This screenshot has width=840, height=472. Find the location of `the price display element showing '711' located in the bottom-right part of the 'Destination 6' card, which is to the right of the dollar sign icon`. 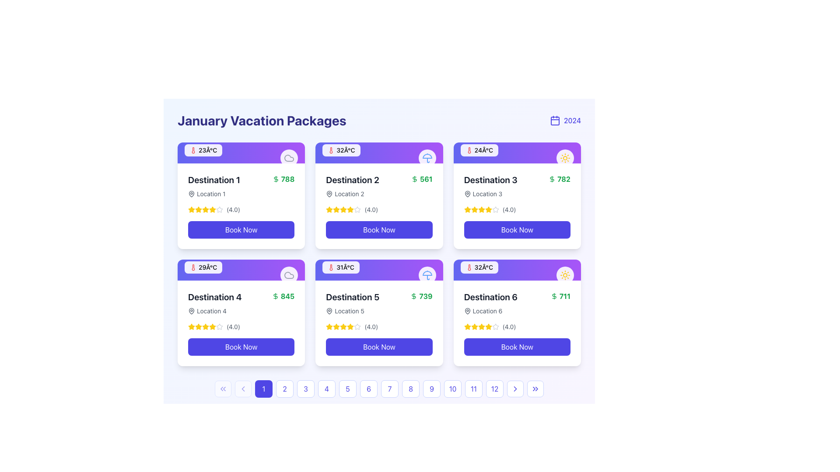

the price display element showing '711' located in the bottom-right part of the 'Destination 6' card, which is to the right of the dollar sign icon is located at coordinates (560, 296).